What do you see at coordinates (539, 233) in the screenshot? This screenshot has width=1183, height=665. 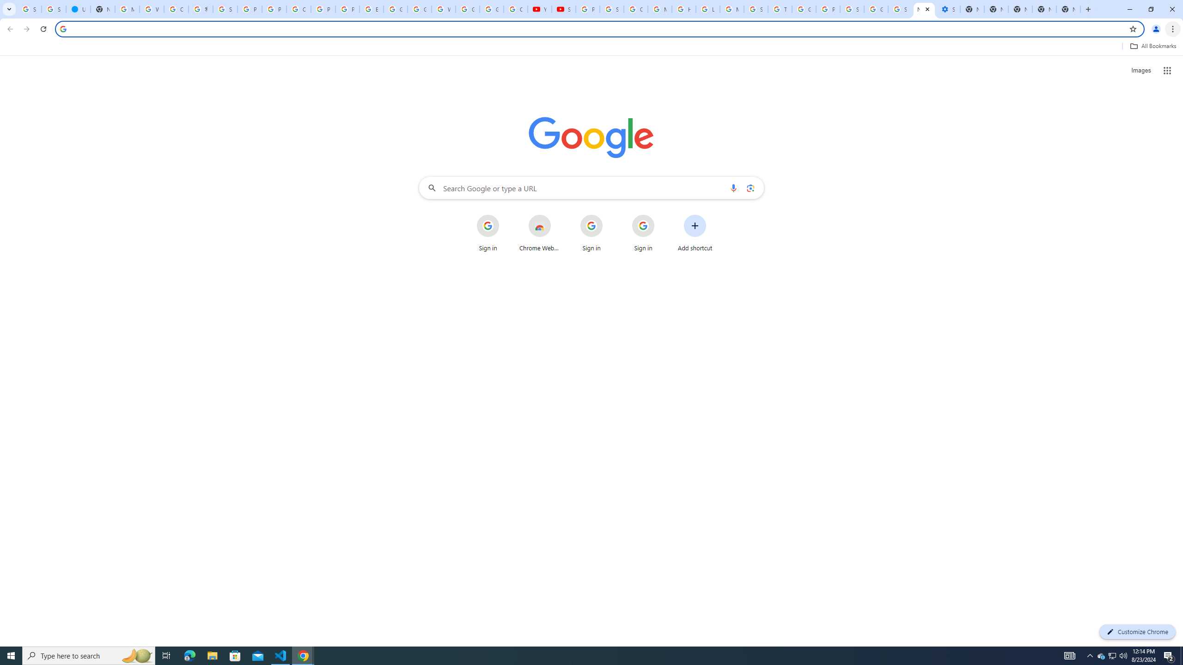 I see `'Chrome Web Store'` at bounding box center [539, 233].